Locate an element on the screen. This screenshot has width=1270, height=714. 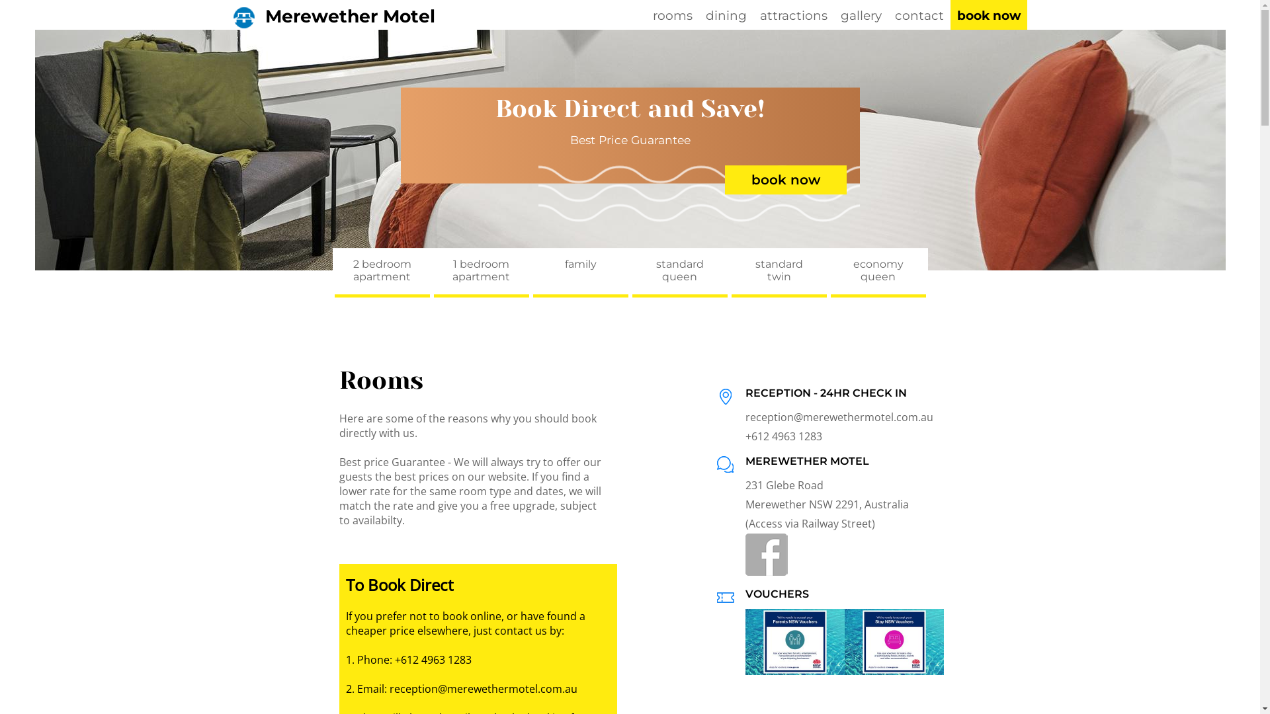
'attractions' is located at coordinates (793, 15).